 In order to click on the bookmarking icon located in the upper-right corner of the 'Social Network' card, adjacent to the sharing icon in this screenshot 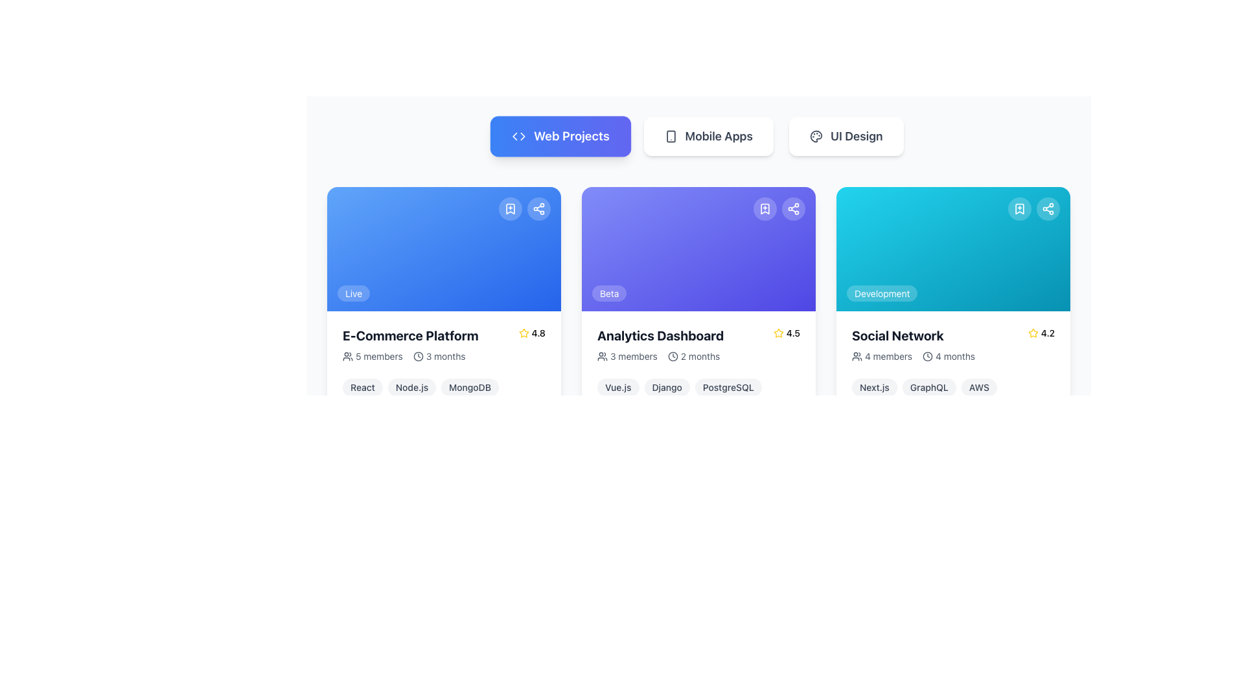, I will do `click(1019, 208)`.